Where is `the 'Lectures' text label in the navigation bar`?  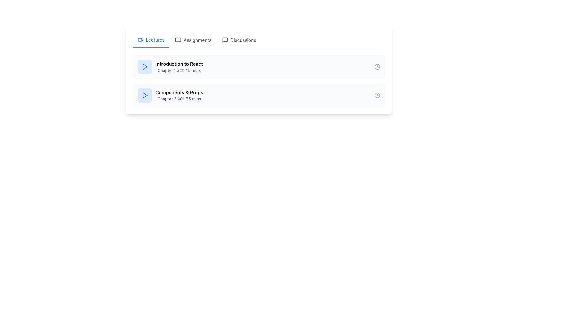
the 'Lectures' text label in the navigation bar is located at coordinates (155, 40).